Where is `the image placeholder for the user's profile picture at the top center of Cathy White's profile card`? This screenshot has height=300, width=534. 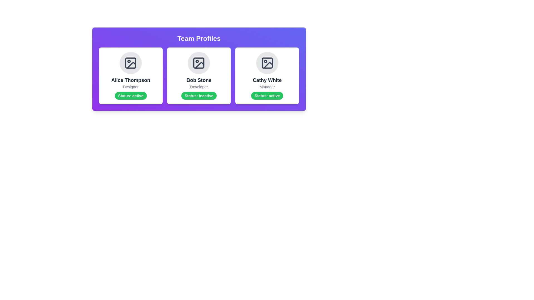 the image placeholder for the user's profile picture at the top center of Cathy White's profile card is located at coordinates (267, 63).